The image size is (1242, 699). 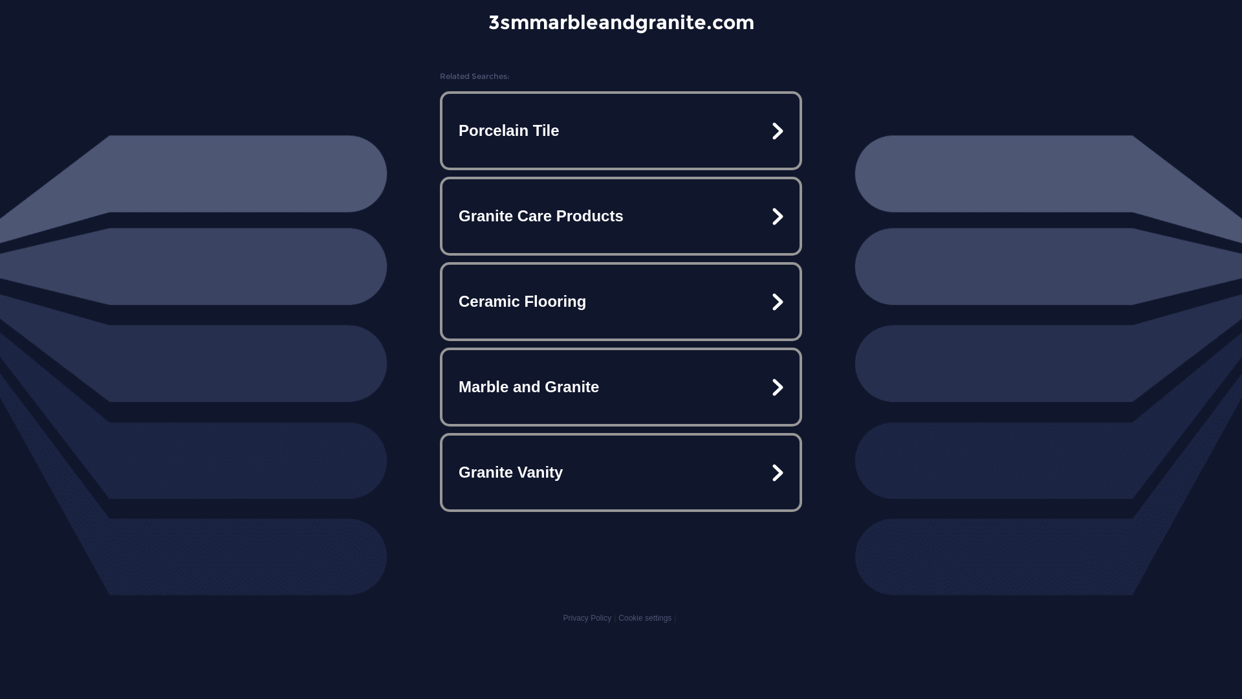 I want to click on 'Ceramic Flooring', so click(x=621, y=302).